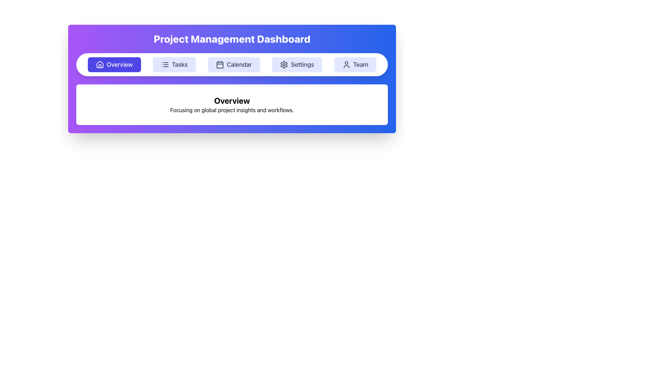 The image size is (651, 366). Describe the element at coordinates (284, 65) in the screenshot. I see `the gear icon representing settings functionality within the 'Settings' button` at that location.